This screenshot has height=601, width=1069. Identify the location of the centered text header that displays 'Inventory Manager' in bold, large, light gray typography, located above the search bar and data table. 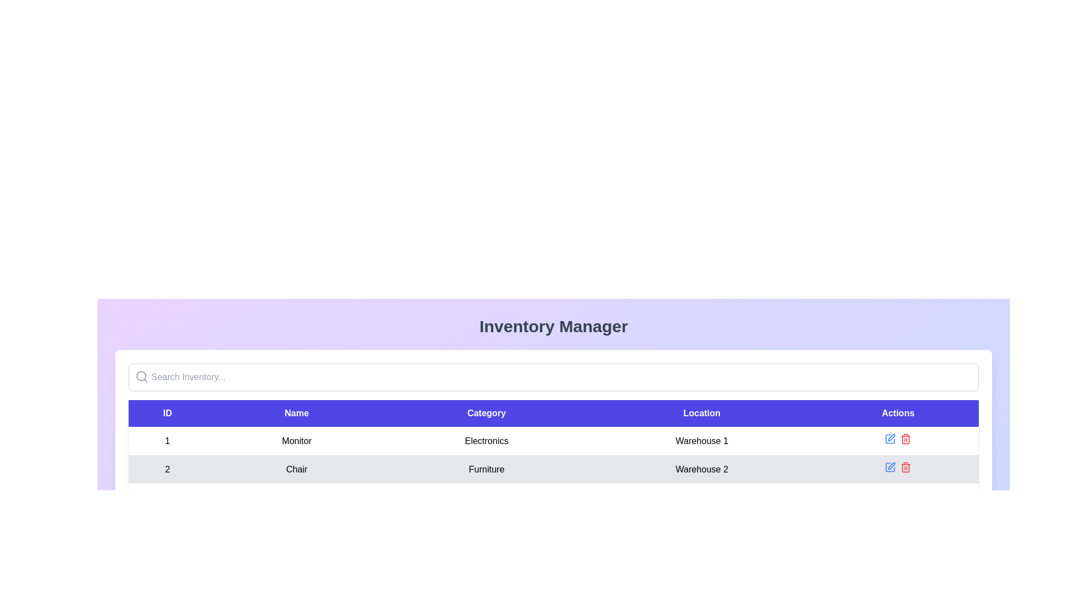
(553, 326).